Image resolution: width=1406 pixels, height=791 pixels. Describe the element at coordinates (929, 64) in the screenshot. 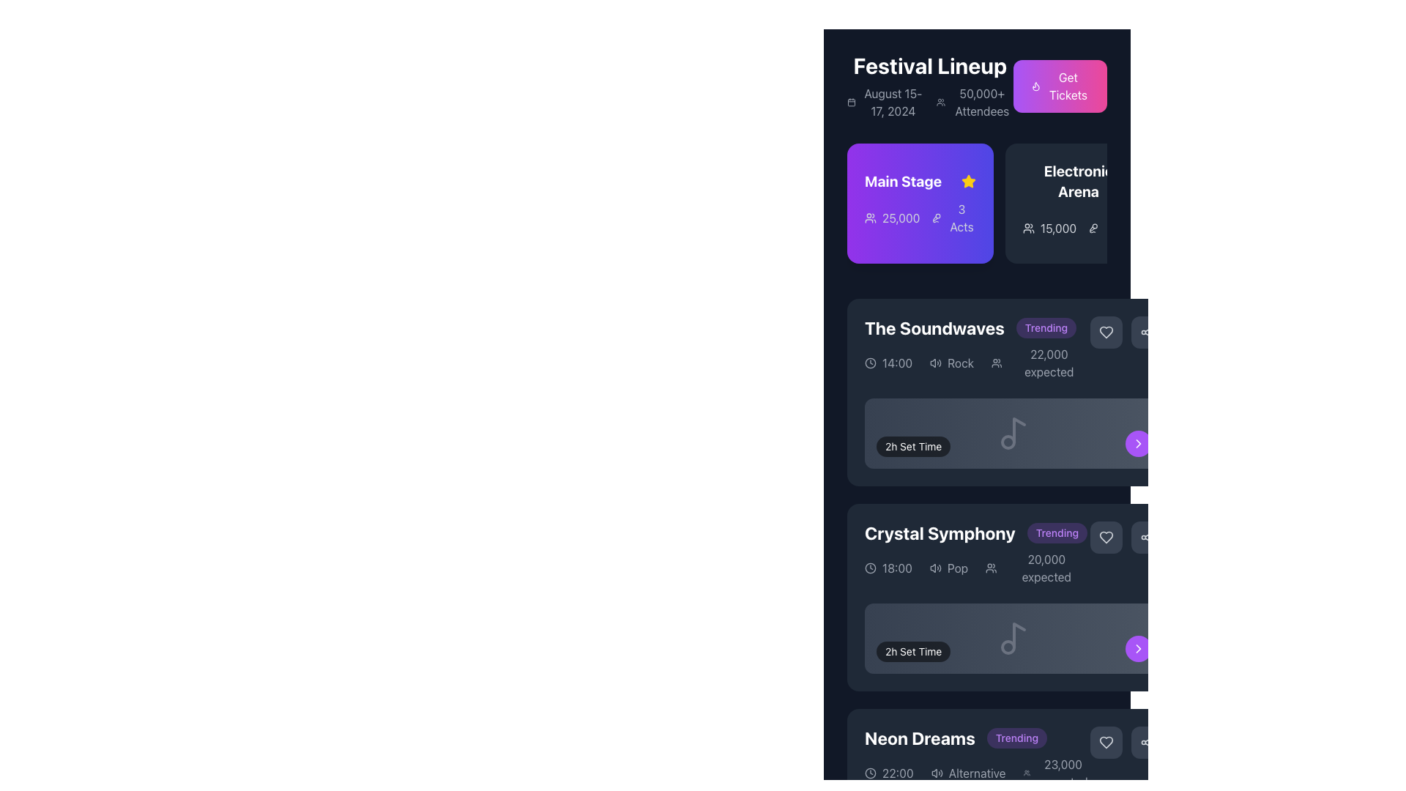

I see `the 'Festival Lineup' text label for accessibility purposes by moving the cursor to its center point` at that location.